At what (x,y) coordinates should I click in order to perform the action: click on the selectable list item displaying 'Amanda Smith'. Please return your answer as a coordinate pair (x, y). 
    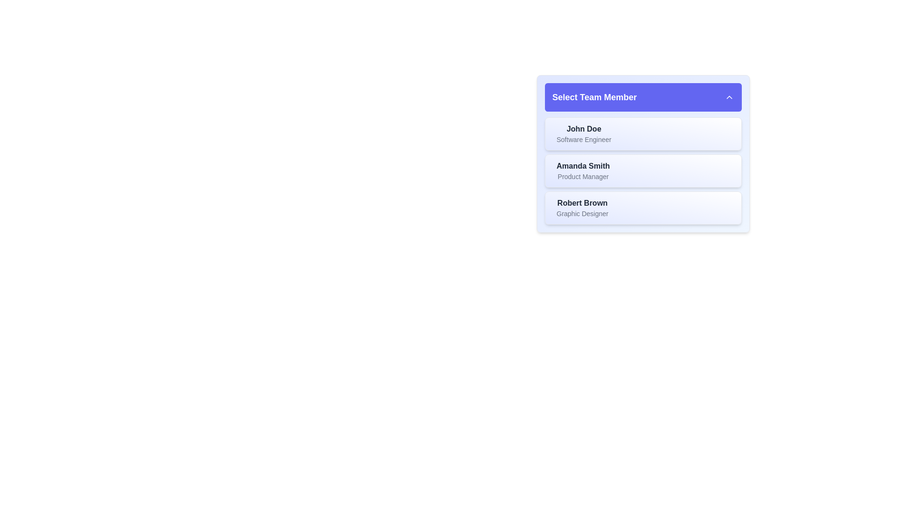
    Looking at the image, I should click on (643, 153).